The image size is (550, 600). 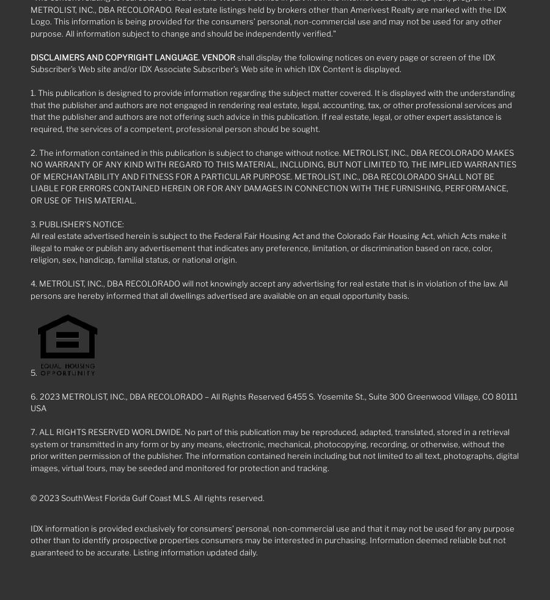 What do you see at coordinates (273, 109) in the screenshot?
I see `'1. This publication is designed to provide information regarding the subject matter covered. It is displayed with the understanding that the publisher and authors are not engaged in rendering real estate, legal, accounting, tax, or other professional services and that the publisher and authors are not offering such advice in this publication. If real estate, legal, or other expert assistance is required, the services of a competent, professional person should be sought.'` at bounding box center [273, 109].